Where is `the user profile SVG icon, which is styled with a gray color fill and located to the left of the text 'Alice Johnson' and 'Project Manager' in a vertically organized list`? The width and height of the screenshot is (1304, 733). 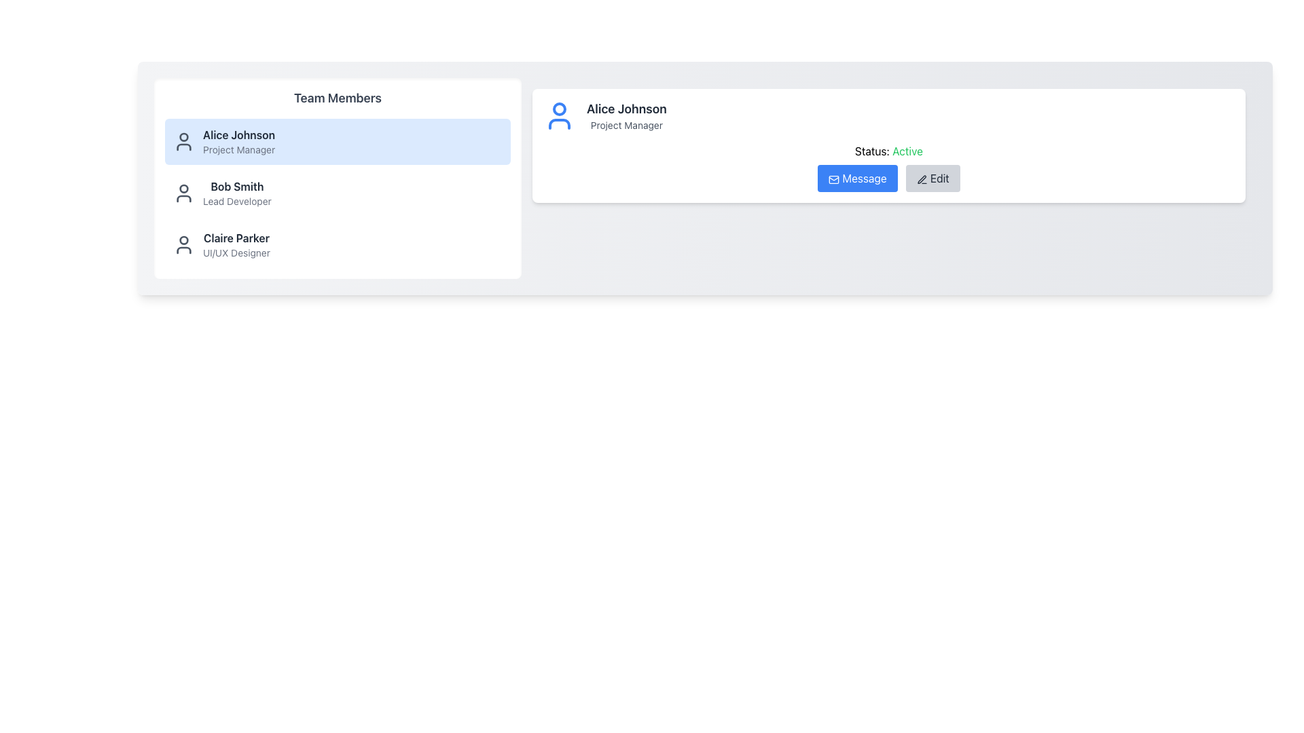
the user profile SVG icon, which is styled with a gray color fill and located to the left of the text 'Alice Johnson' and 'Project Manager' in a vertically organized list is located at coordinates (183, 141).